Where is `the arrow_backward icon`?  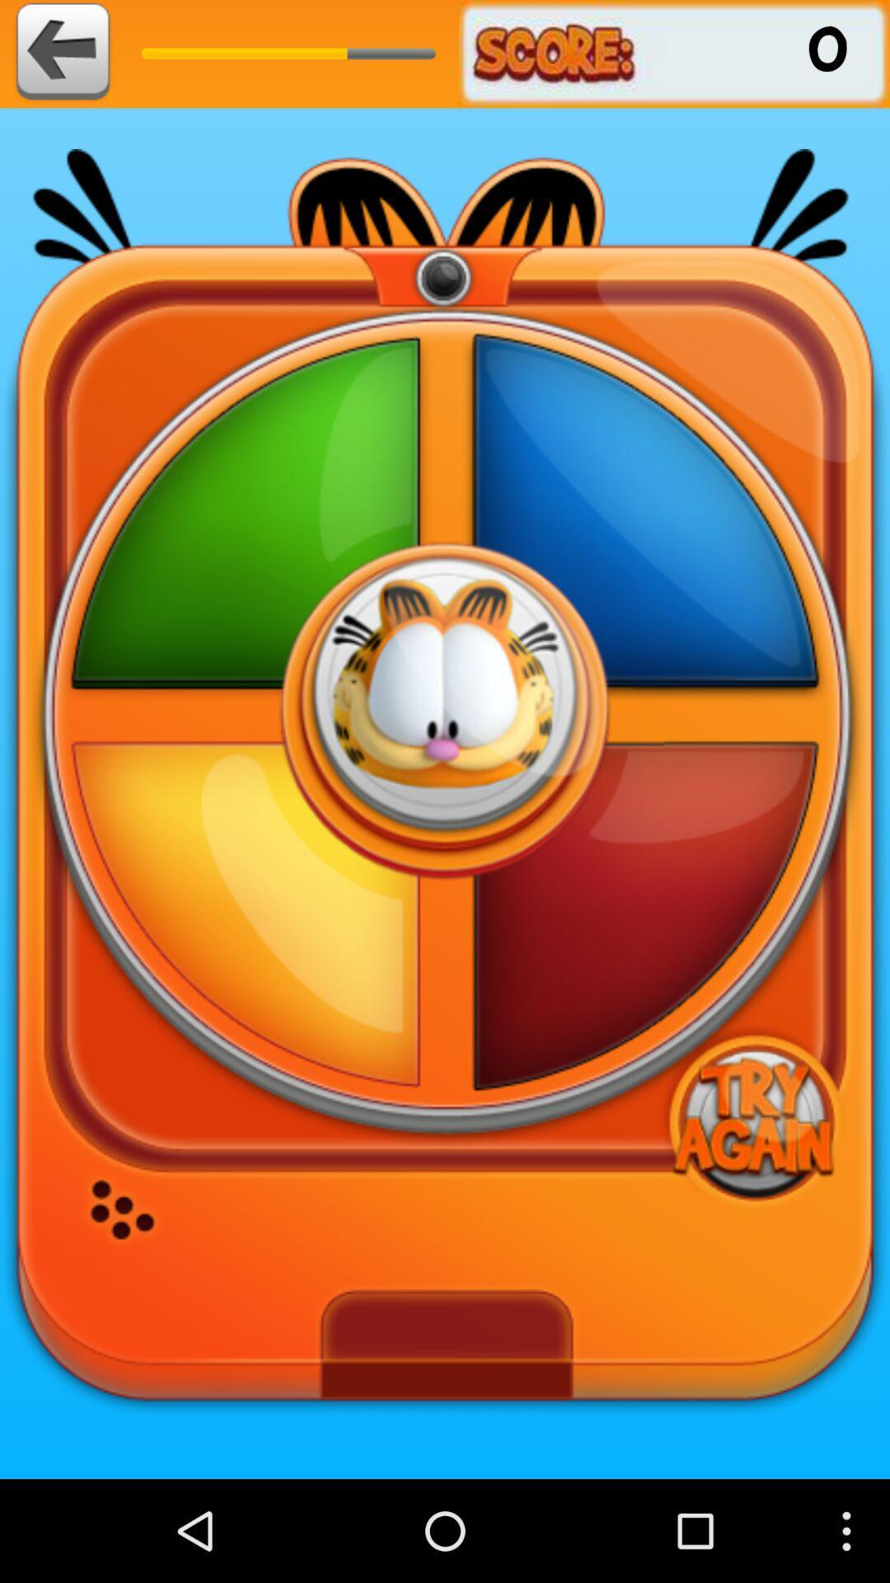
the arrow_backward icon is located at coordinates (62, 58).